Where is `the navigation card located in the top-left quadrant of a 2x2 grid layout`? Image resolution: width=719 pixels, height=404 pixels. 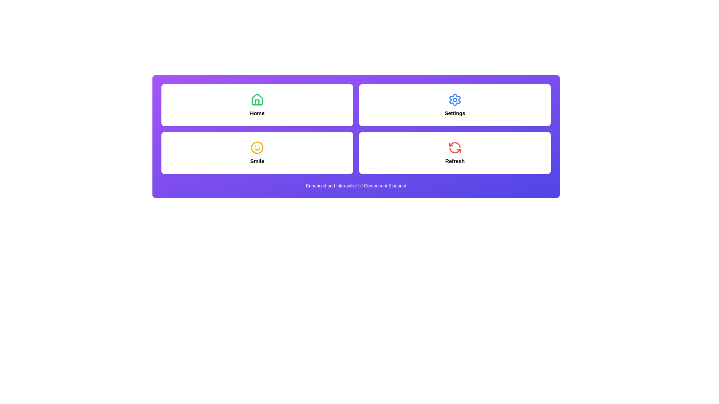
the navigation card located in the top-left quadrant of a 2x2 grid layout is located at coordinates (257, 105).